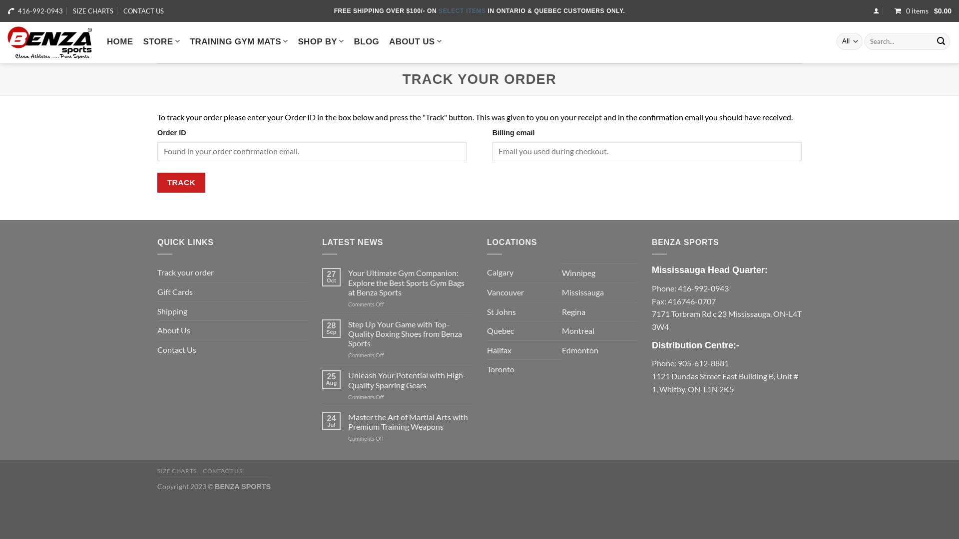  What do you see at coordinates (580, 350) in the screenshot?
I see `'Edmonton'` at bounding box center [580, 350].